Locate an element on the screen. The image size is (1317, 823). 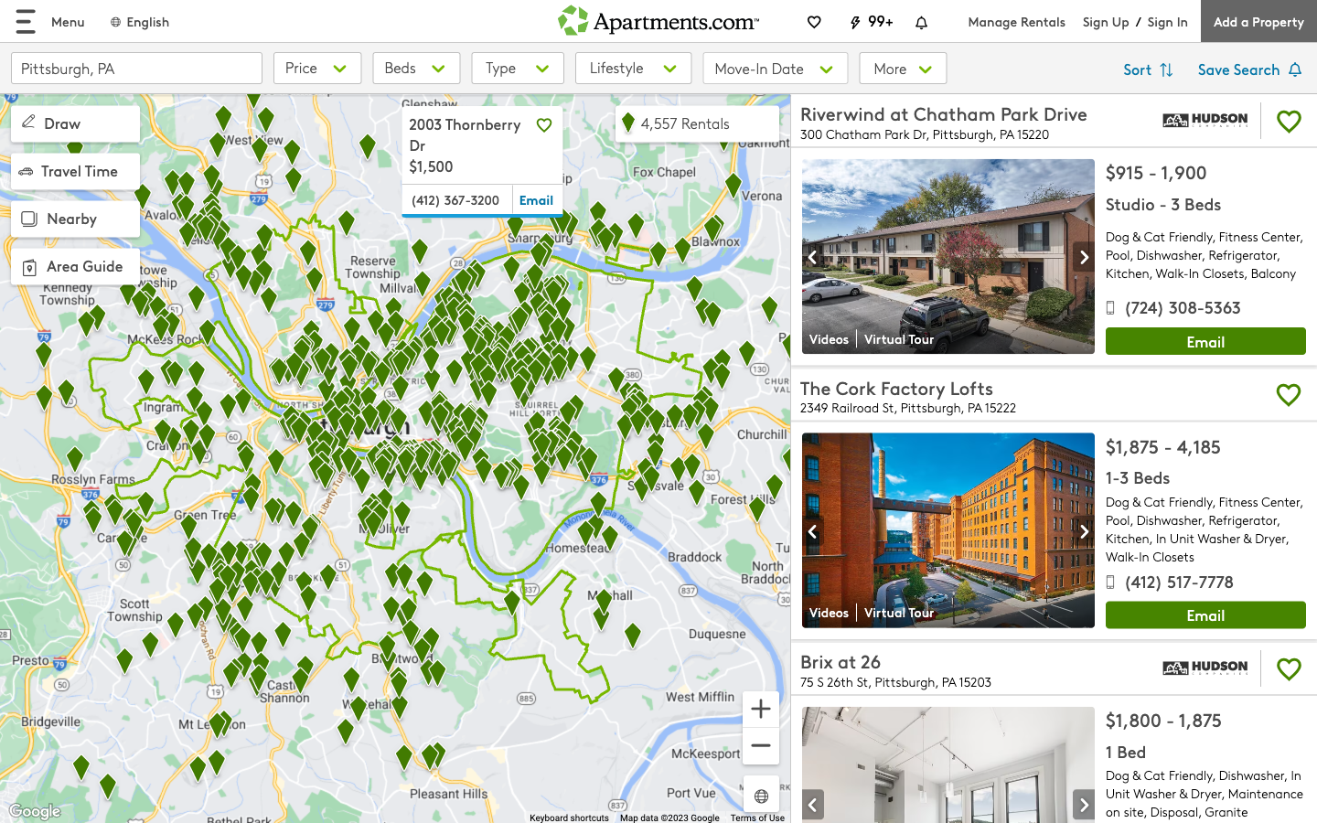
alter language to English is located at coordinates (138, 20).